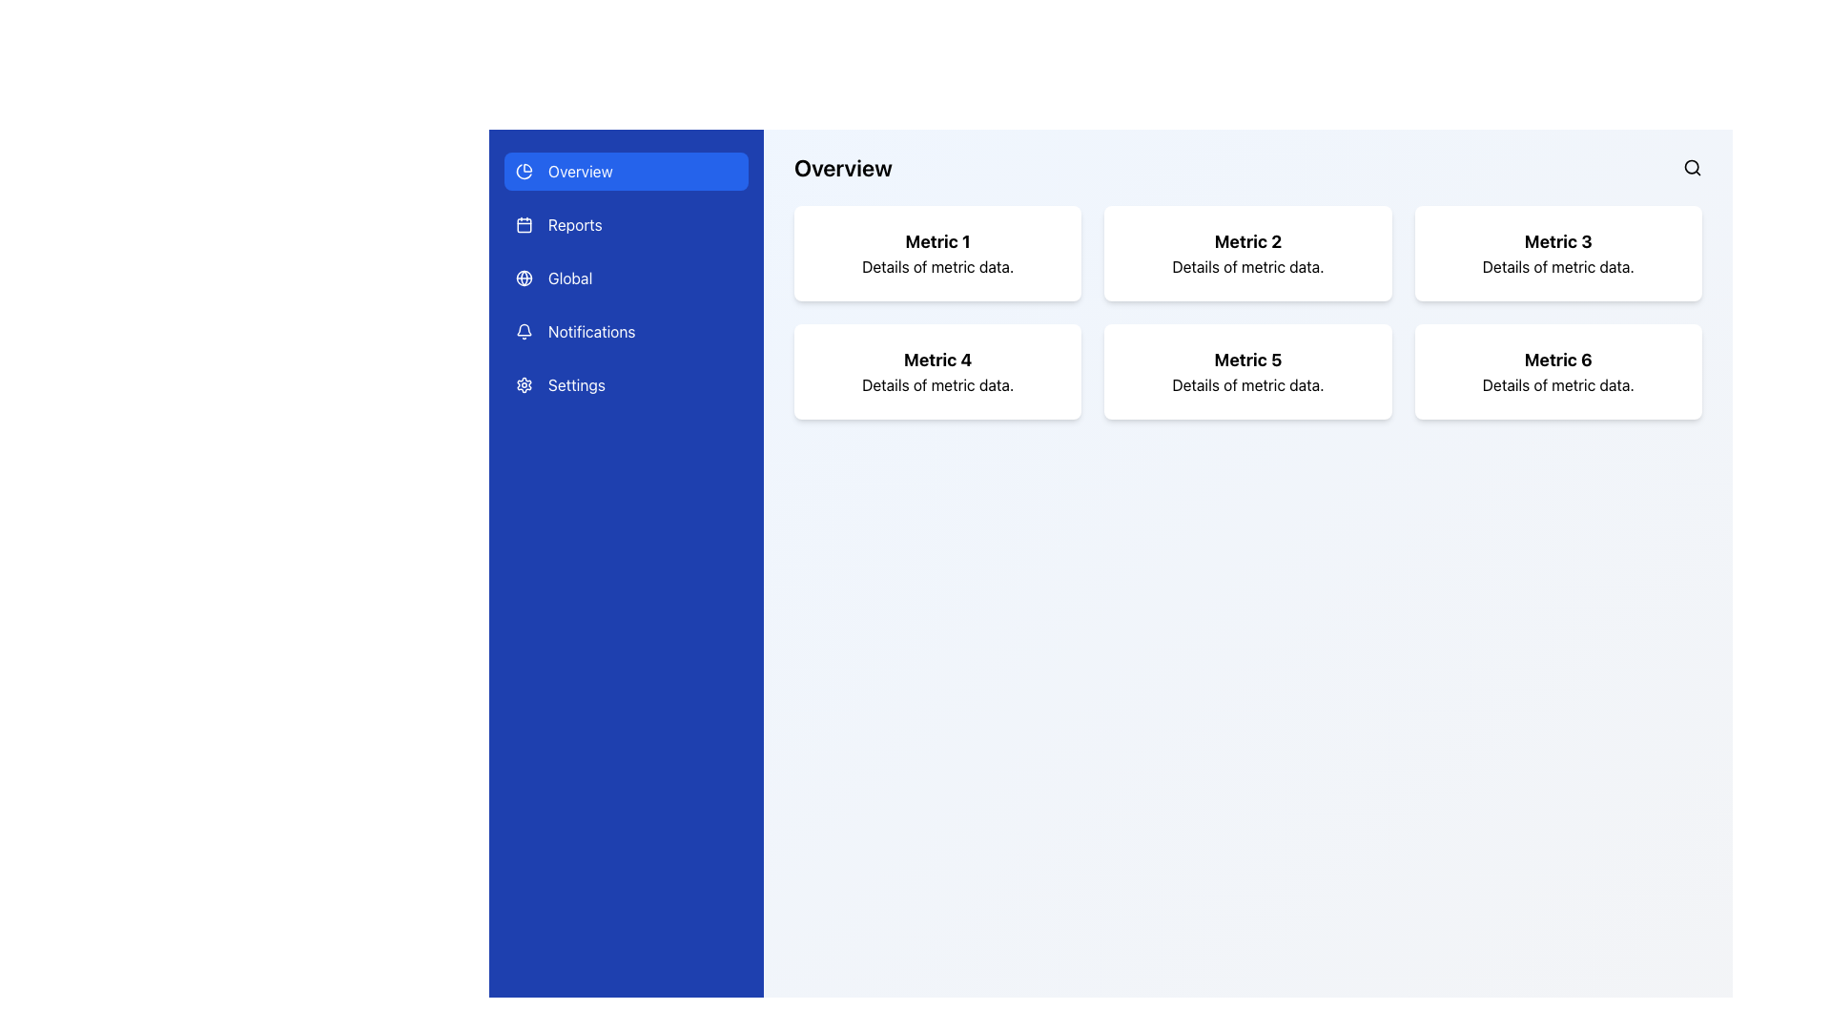  What do you see at coordinates (937, 267) in the screenshot?
I see `text label displaying 'Details of metric data.' located below the heading 'Metric 1' in the card layout` at bounding box center [937, 267].